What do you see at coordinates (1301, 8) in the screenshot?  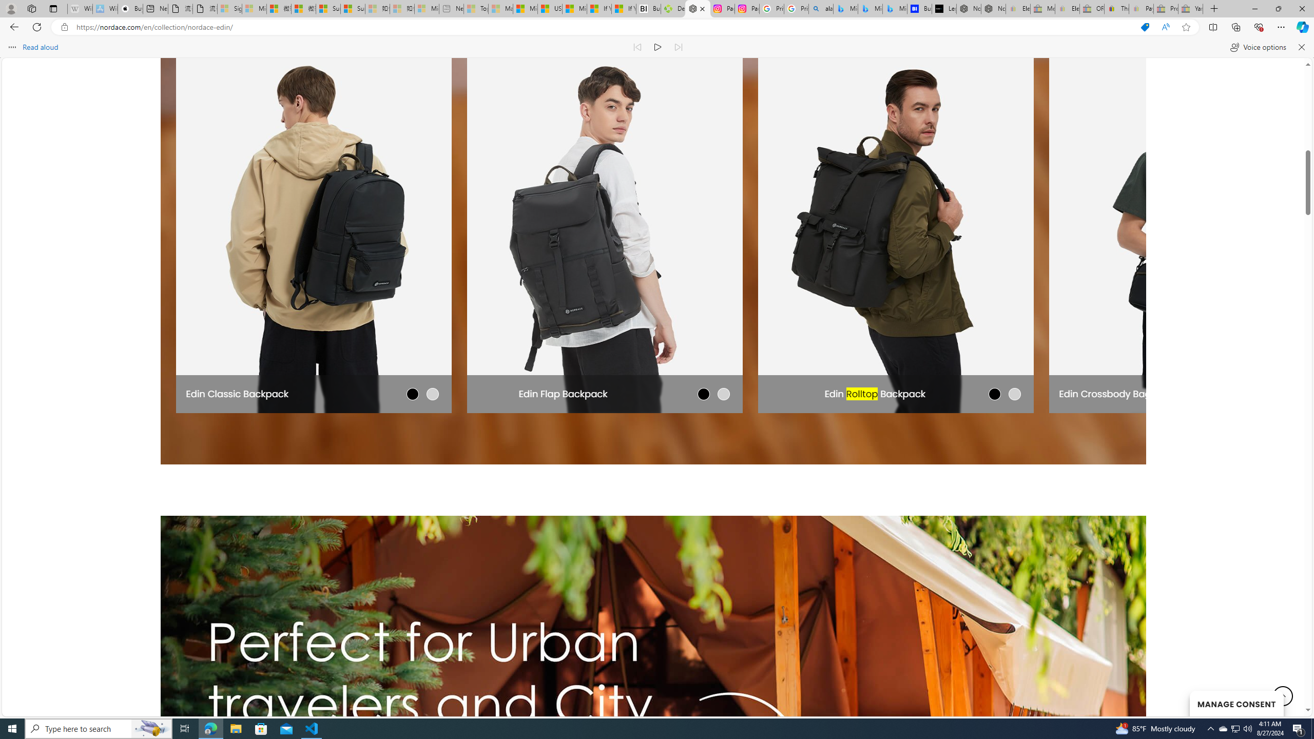 I see `'Close'` at bounding box center [1301, 8].